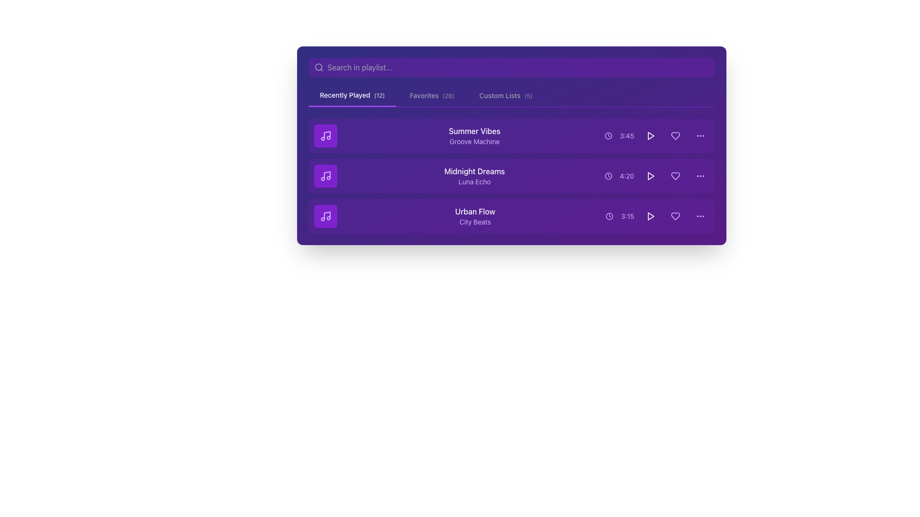  What do you see at coordinates (675, 176) in the screenshot?
I see `the heart-shaped icon to favorite or unfavorite the 'Midnight Dreams' song` at bounding box center [675, 176].